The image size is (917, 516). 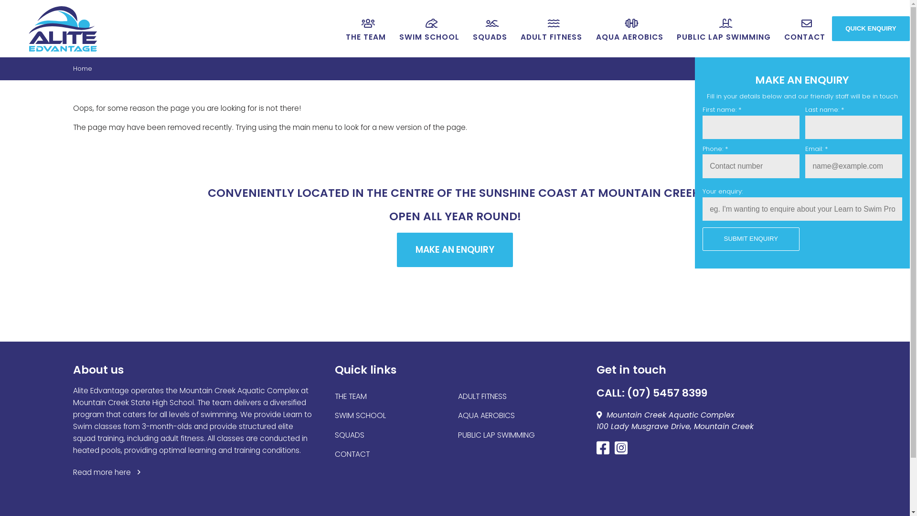 What do you see at coordinates (350, 396) in the screenshot?
I see `'THE TEAM'` at bounding box center [350, 396].